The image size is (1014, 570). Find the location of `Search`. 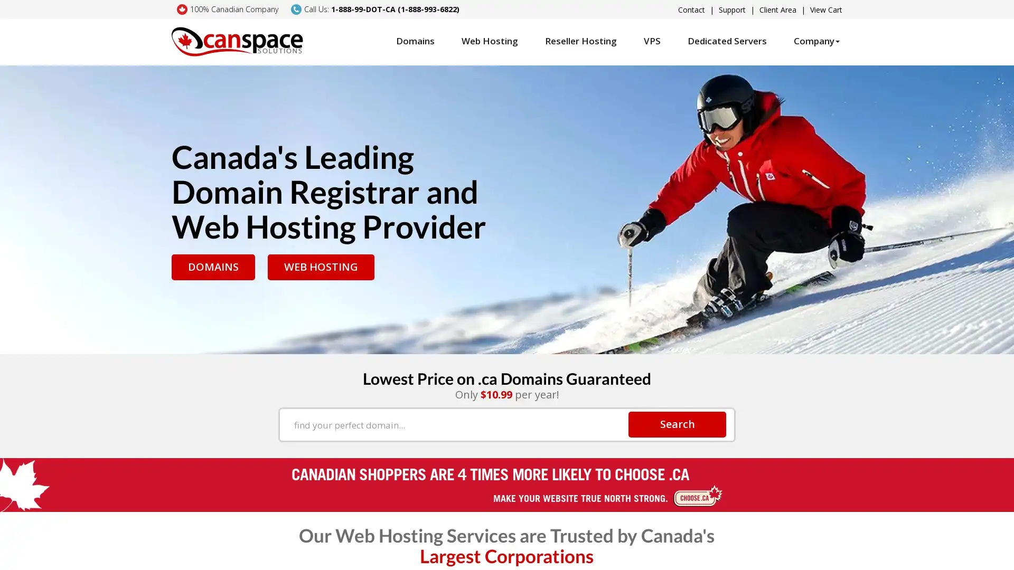

Search is located at coordinates (677, 423).